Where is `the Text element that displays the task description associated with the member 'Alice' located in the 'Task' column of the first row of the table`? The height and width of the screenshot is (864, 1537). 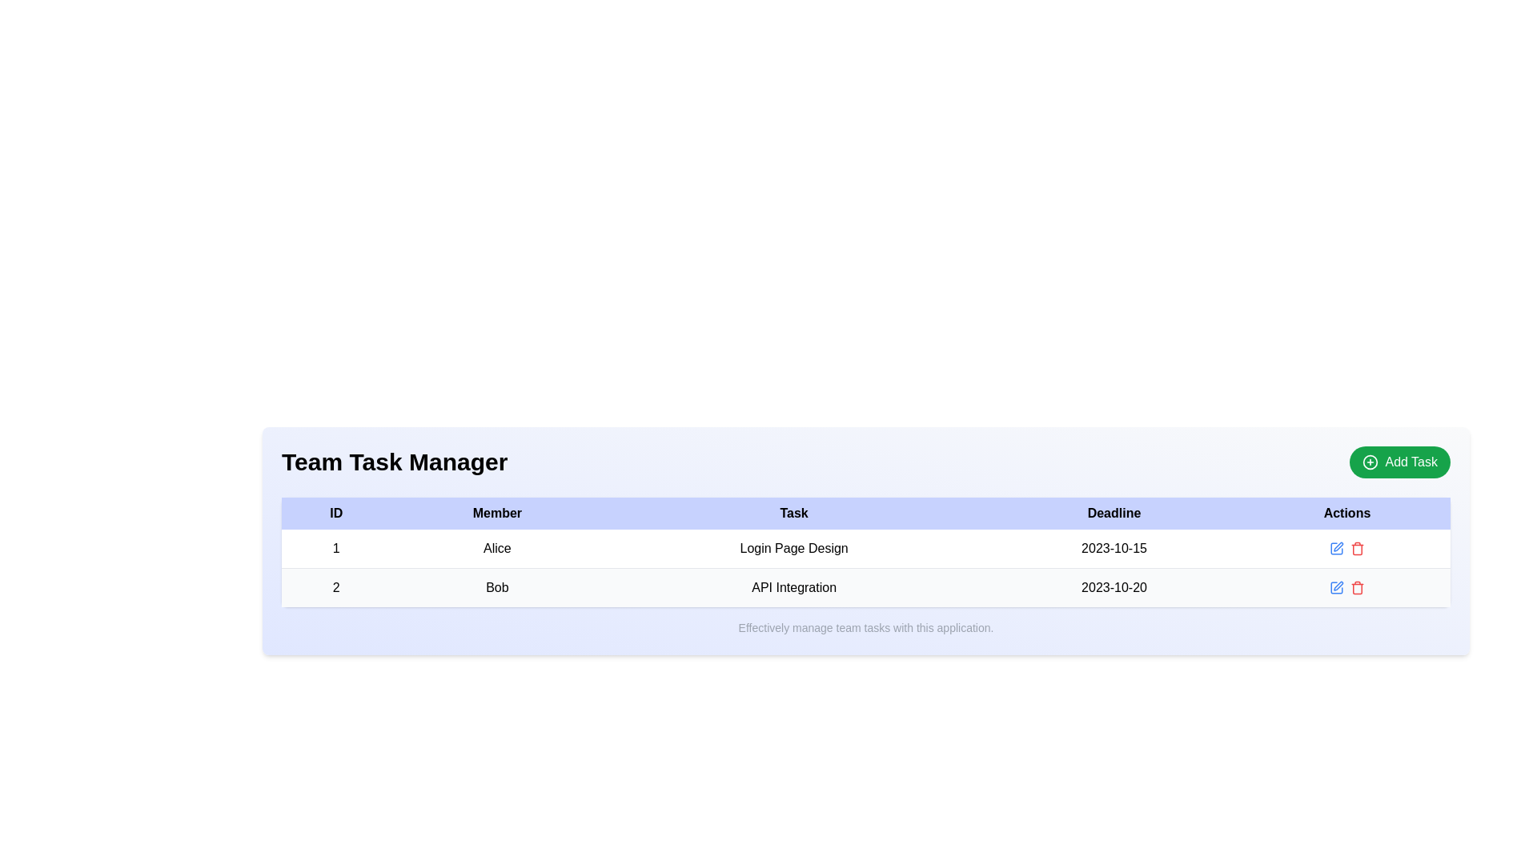
the Text element that displays the task description associated with the member 'Alice' located in the 'Task' column of the first row of the table is located at coordinates (794, 548).